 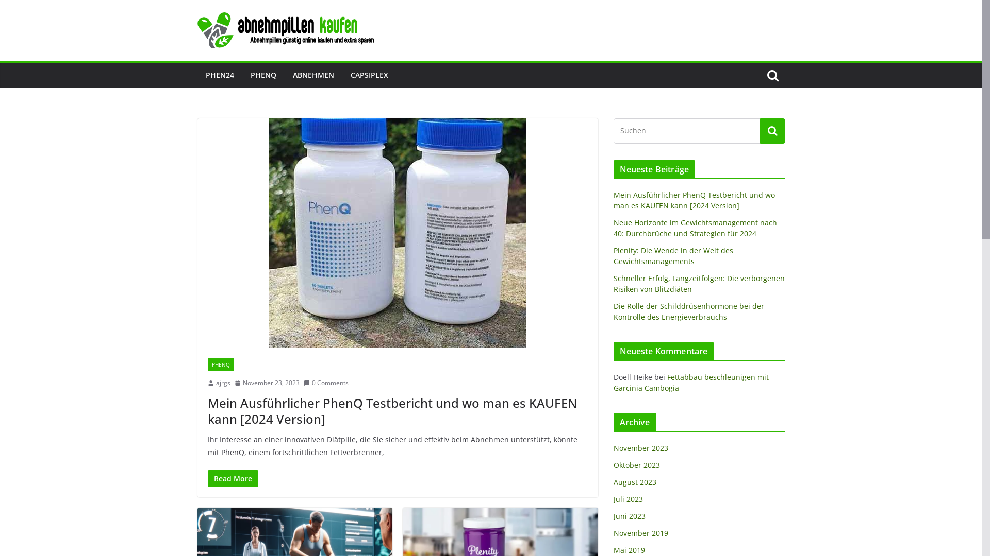 I want to click on 'Fettabbau beschleunigen mit Garcinia Cambogia', so click(x=691, y=383).